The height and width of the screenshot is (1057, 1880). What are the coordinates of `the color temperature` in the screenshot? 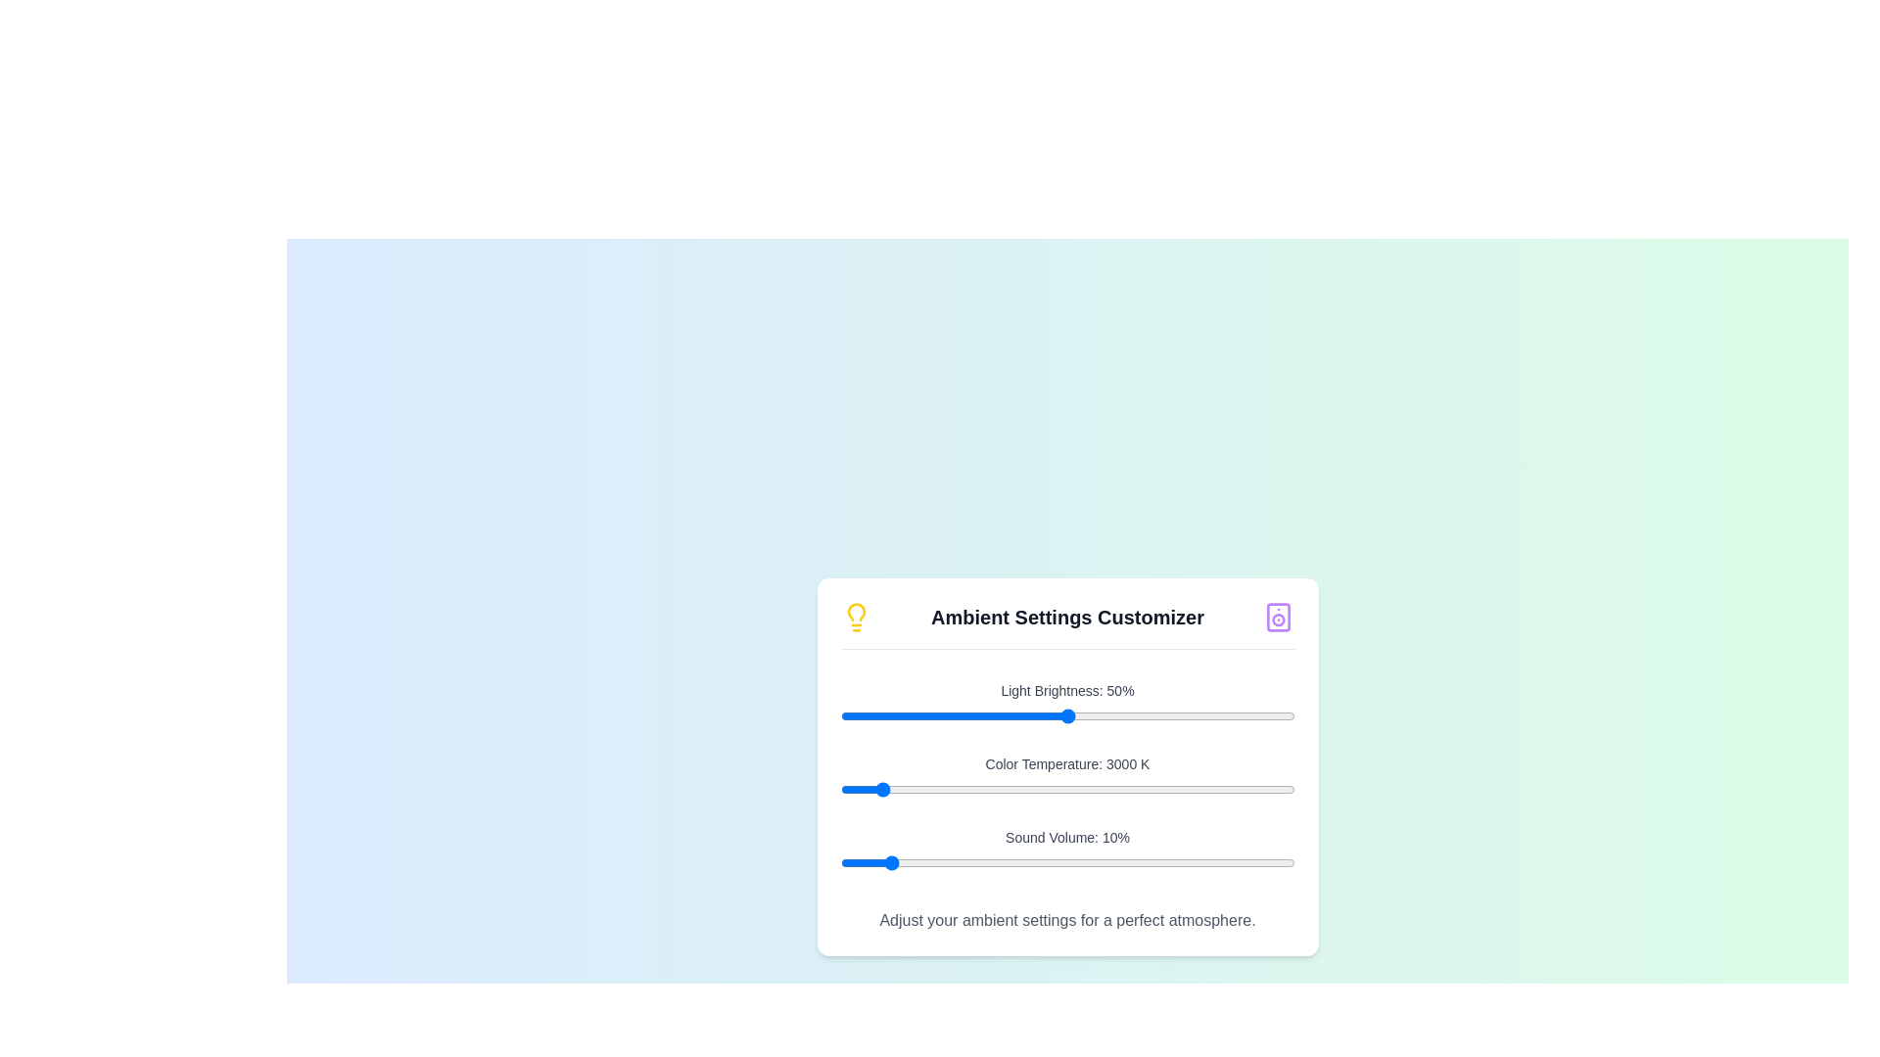 It's located at (1123, 788).